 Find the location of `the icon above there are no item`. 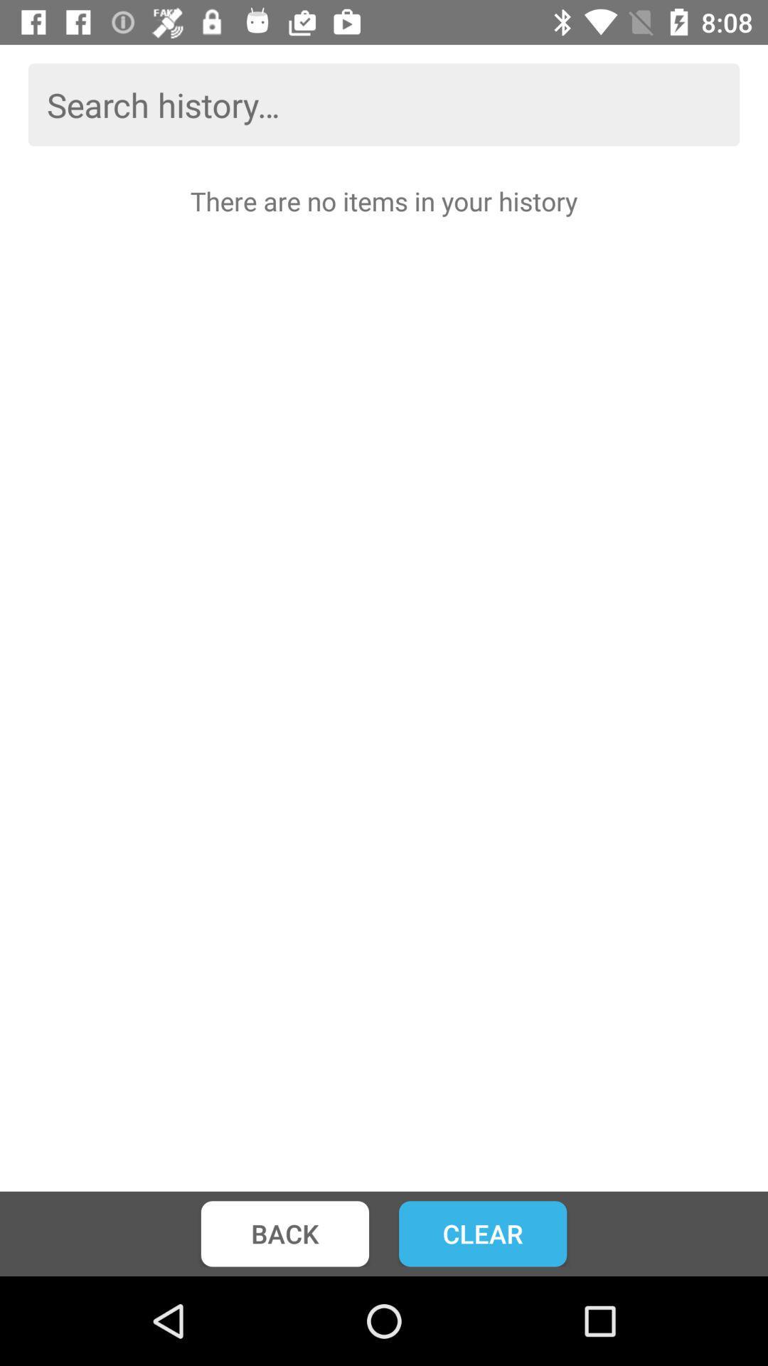

the icon above there are no item is located at coordinates (384, 104).